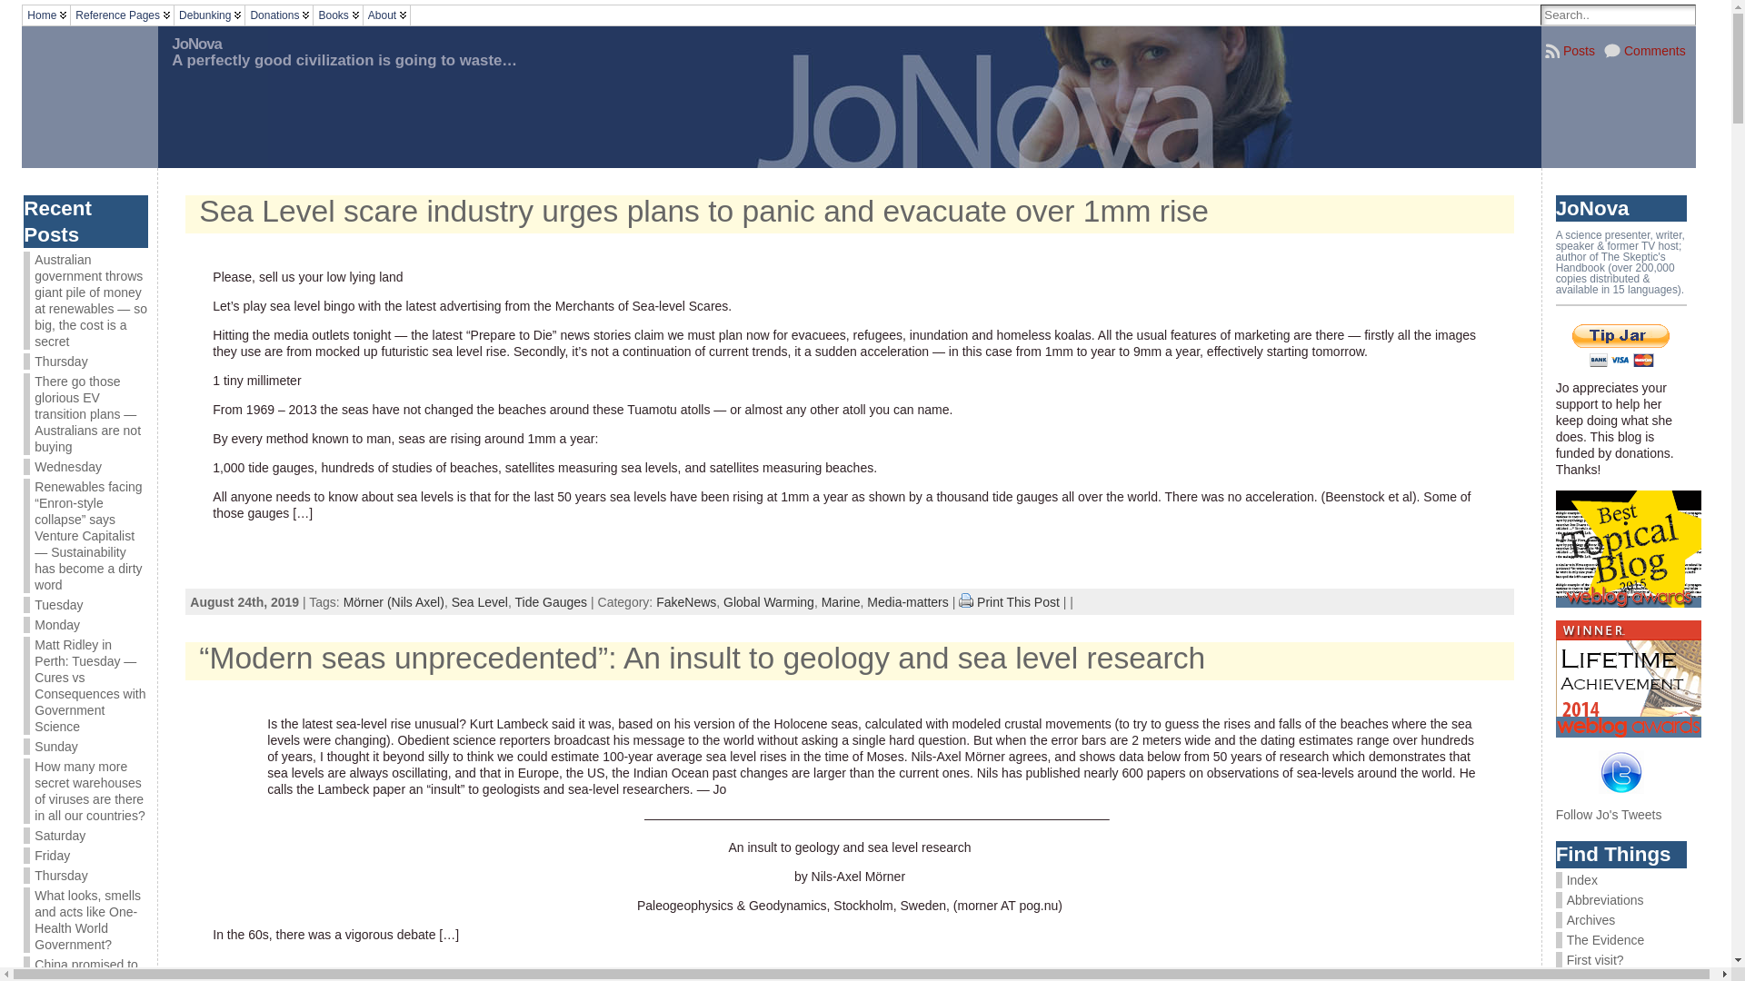 The height and width of the screenshot is (981, 1745). I want to click on 'First visit?', so click(1621, 958).